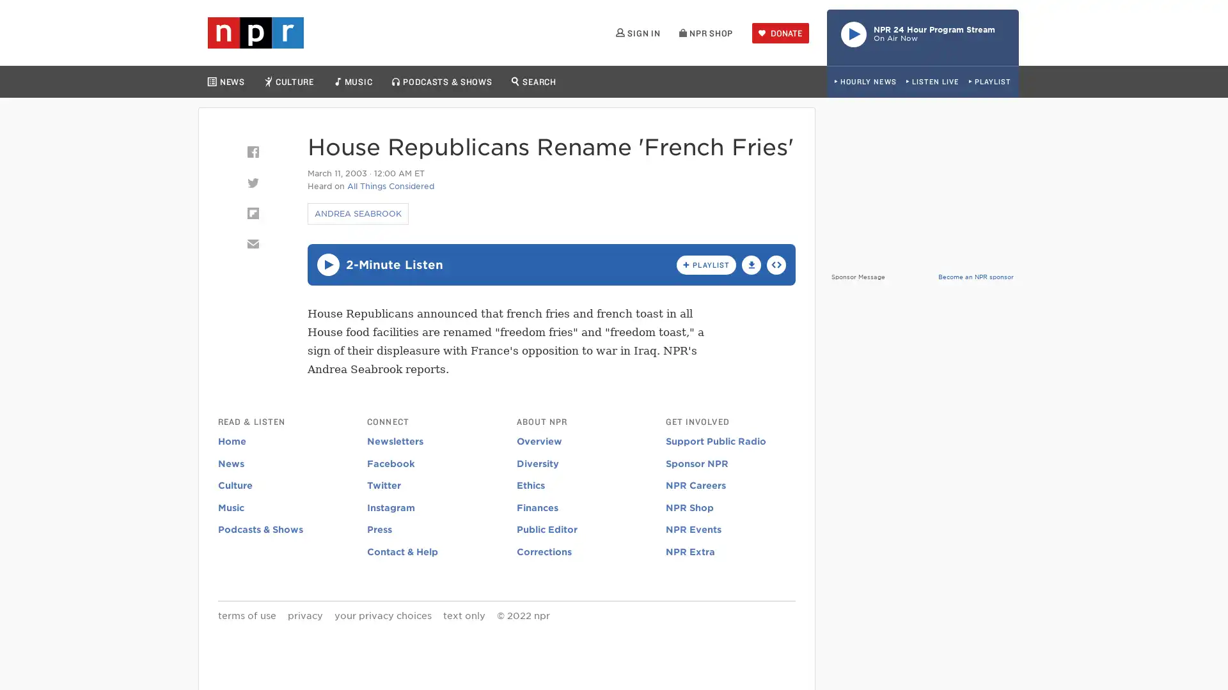 The height and width of the screenshot is (690, 1228). Describe the element at coordinates (865, 82) in the screenshot. I see `HOURLY NEWS` at that location.